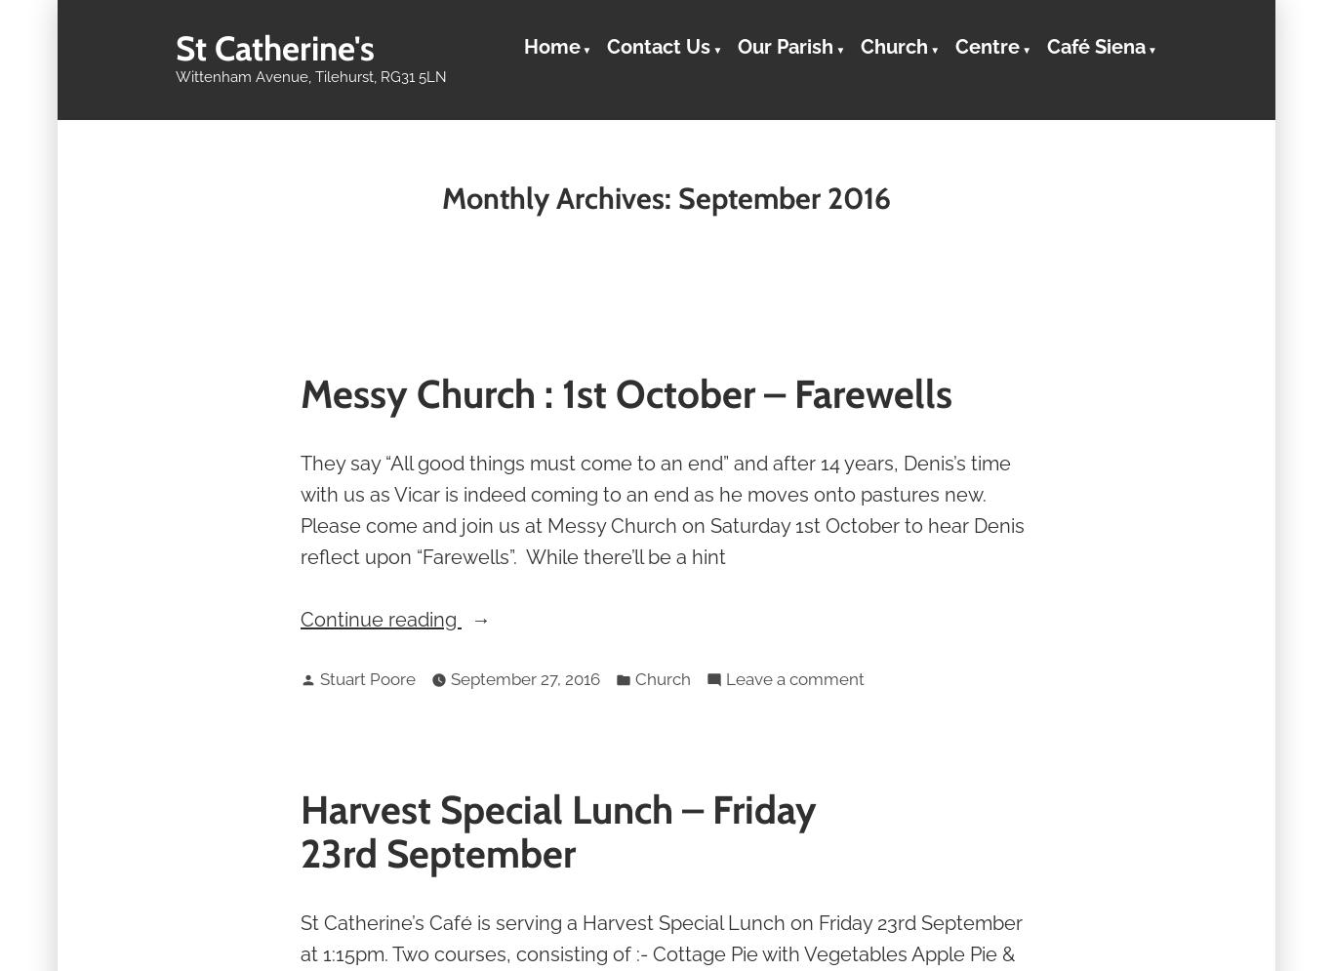  Describe the element at coordinates (662, 507) in the screenshot. I see `'They say “All good things must come to an end” and after 14 years, Denis’s time with us as Vicar is indeed coming to an end as he moves onto pastures new. Please come and join us at Messy Church on Saturday 1st October to hear Denis reflect upon “Farewells”.  While there’ll be a hint'` at that location.